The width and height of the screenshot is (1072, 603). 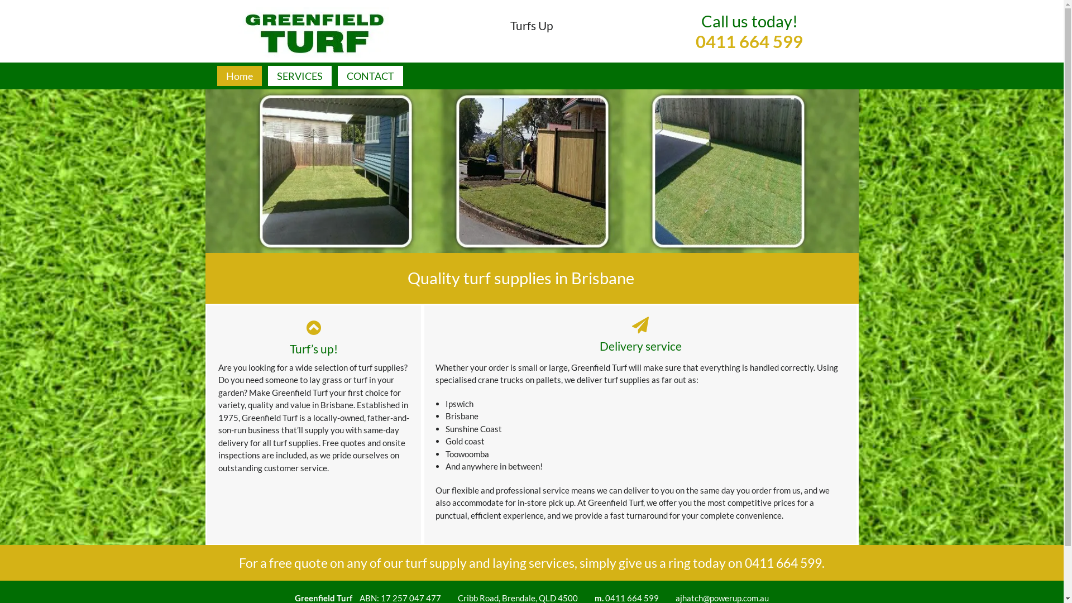 What do you see at coordinates (695, 52) in the screenshot?
I see `'0411 664 599'` at bounding box center [695, 52].